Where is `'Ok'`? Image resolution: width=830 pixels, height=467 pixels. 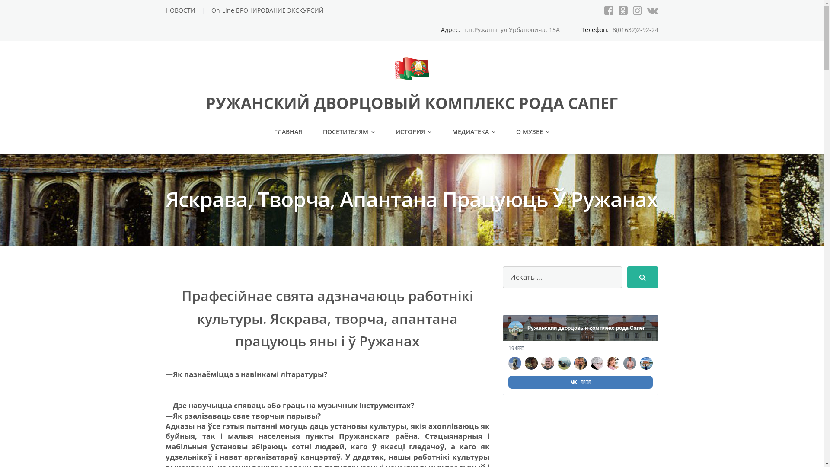 'Ok' is located at coordinates (622, 10).